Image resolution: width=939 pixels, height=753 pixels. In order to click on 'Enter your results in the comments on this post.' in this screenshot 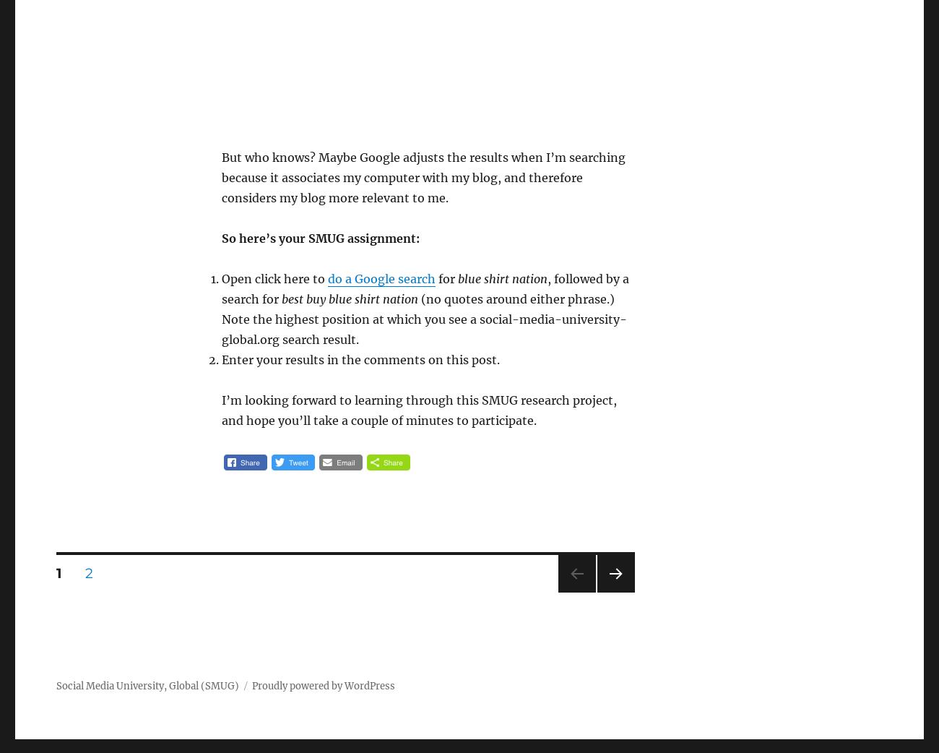, I will do `click(360, 359)`.